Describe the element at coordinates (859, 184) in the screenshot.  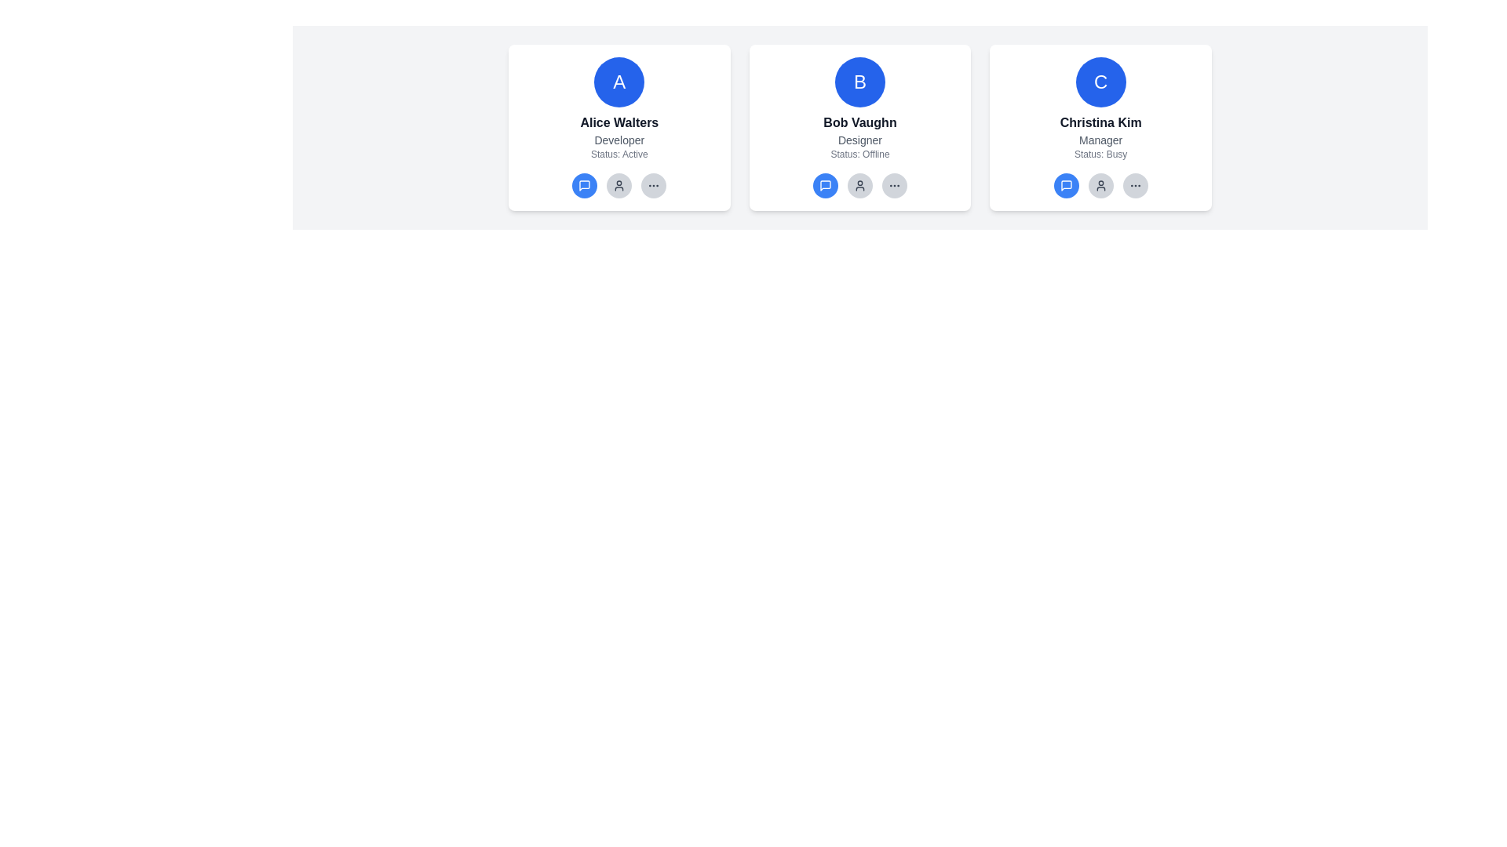
I see `the second button in a group of three buttons located below the text 'Bob Vaughn Designer Status: Offline'` at that location.